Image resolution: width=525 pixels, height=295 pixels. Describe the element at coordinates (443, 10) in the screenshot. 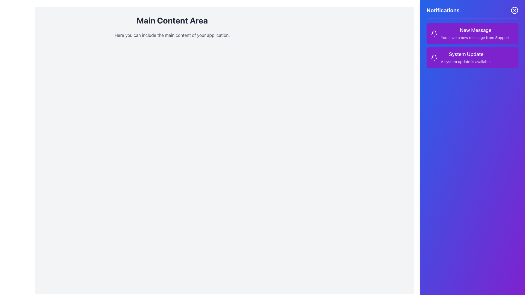

I see `prominently displayed heading text 'Notifications', which is styled in bold white font against a vibrant gradient purple background, located at the top-left of the right purple panel` at that location.